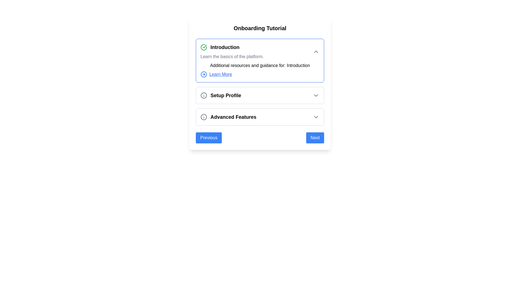 Image resolution: width=531 pixels, height=299 pixels. I want to click on text content of the 'Setup Profile' label, which is a bold, large font string located in the onboarding steps under the 'Introduction' section, so click(226, 95).